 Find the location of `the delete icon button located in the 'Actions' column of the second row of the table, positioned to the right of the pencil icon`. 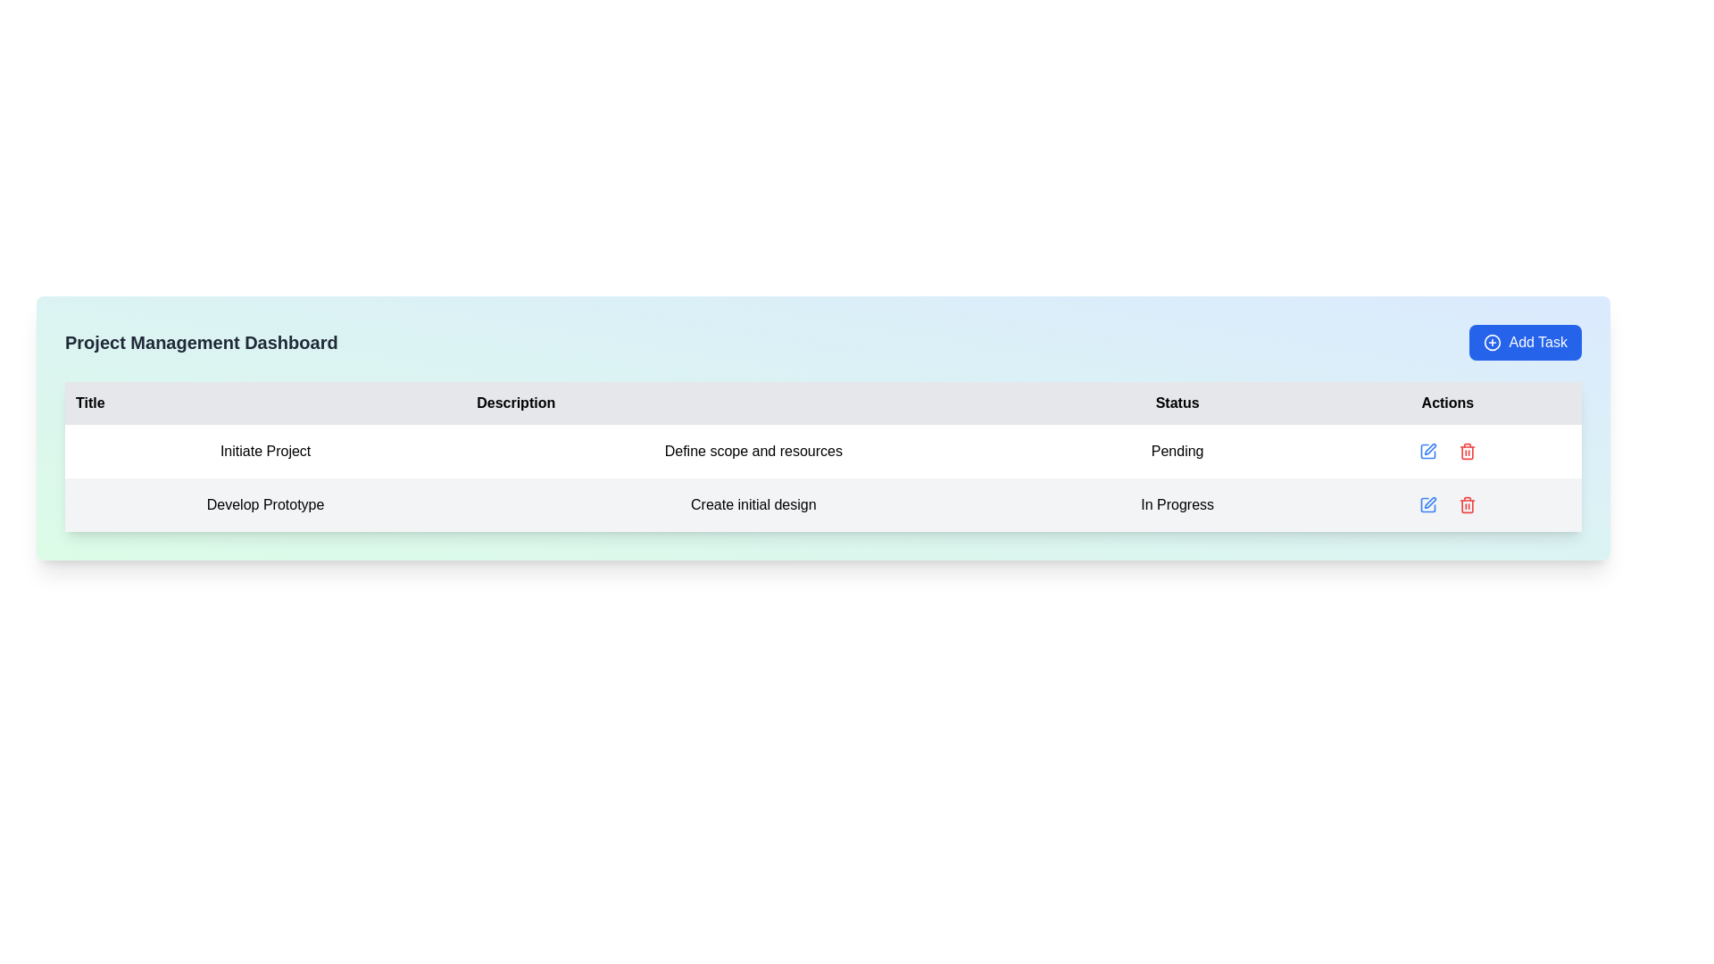

the delete icon button located in the 'Actions' column of the second row of the table, positioned to the right of the pencil icon is located at coordinates (1467, 450).